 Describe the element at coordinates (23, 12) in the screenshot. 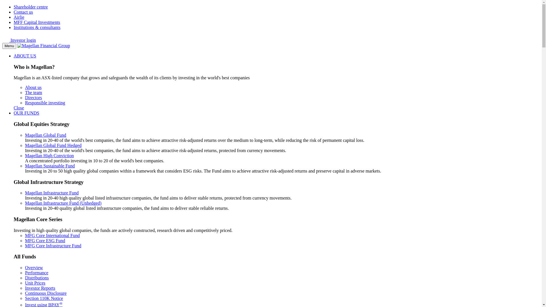

I see `'Contact us'` at that location.